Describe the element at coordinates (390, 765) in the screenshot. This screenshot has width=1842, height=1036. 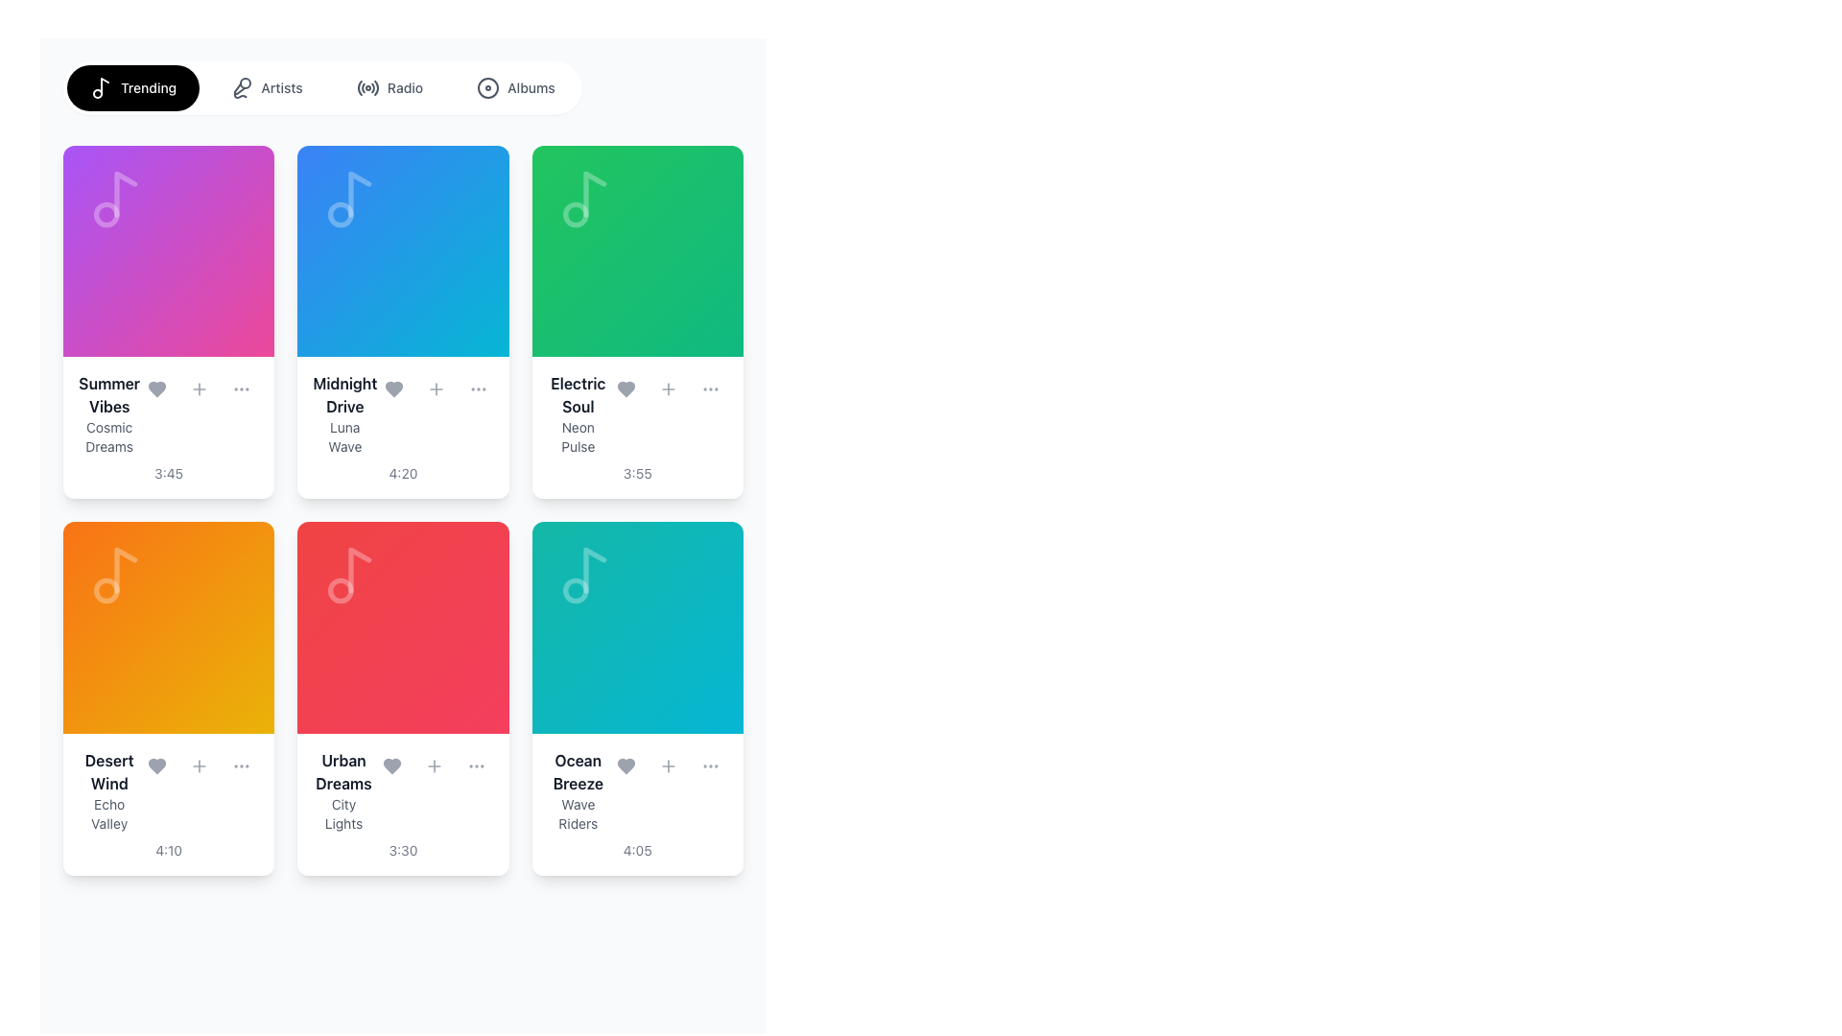
I see `the first circular button with a heart-shaped icon located to the right of the 'Urban Dreams' item to observe the hover effect` at that location.